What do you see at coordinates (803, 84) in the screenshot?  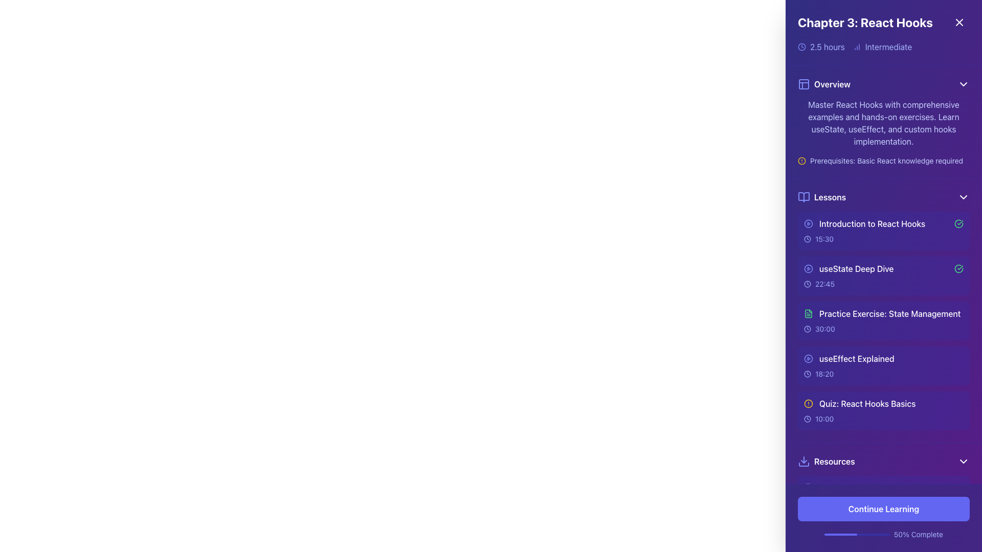 I see `the grid icon with a highlighted top-left corner, located to the left of the 'Overview' text` at bounding box center [803, 84].